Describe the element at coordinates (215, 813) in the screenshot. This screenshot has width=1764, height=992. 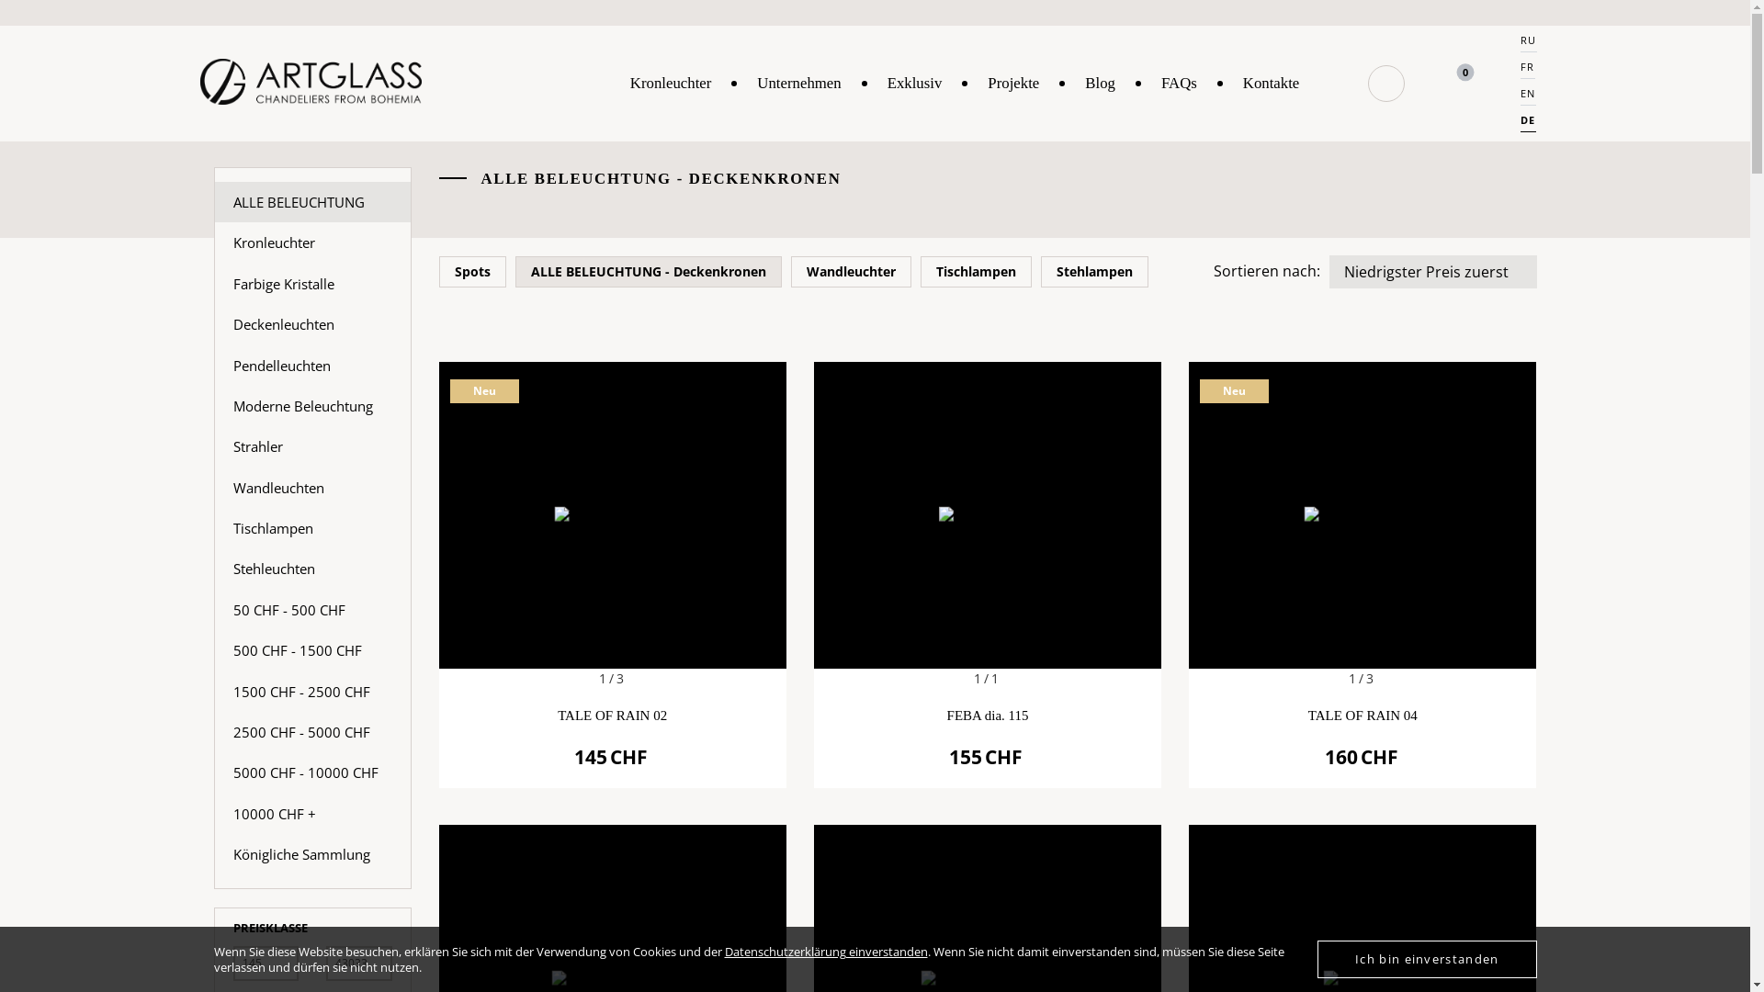
I see `'10000 CHF +'` at that location.